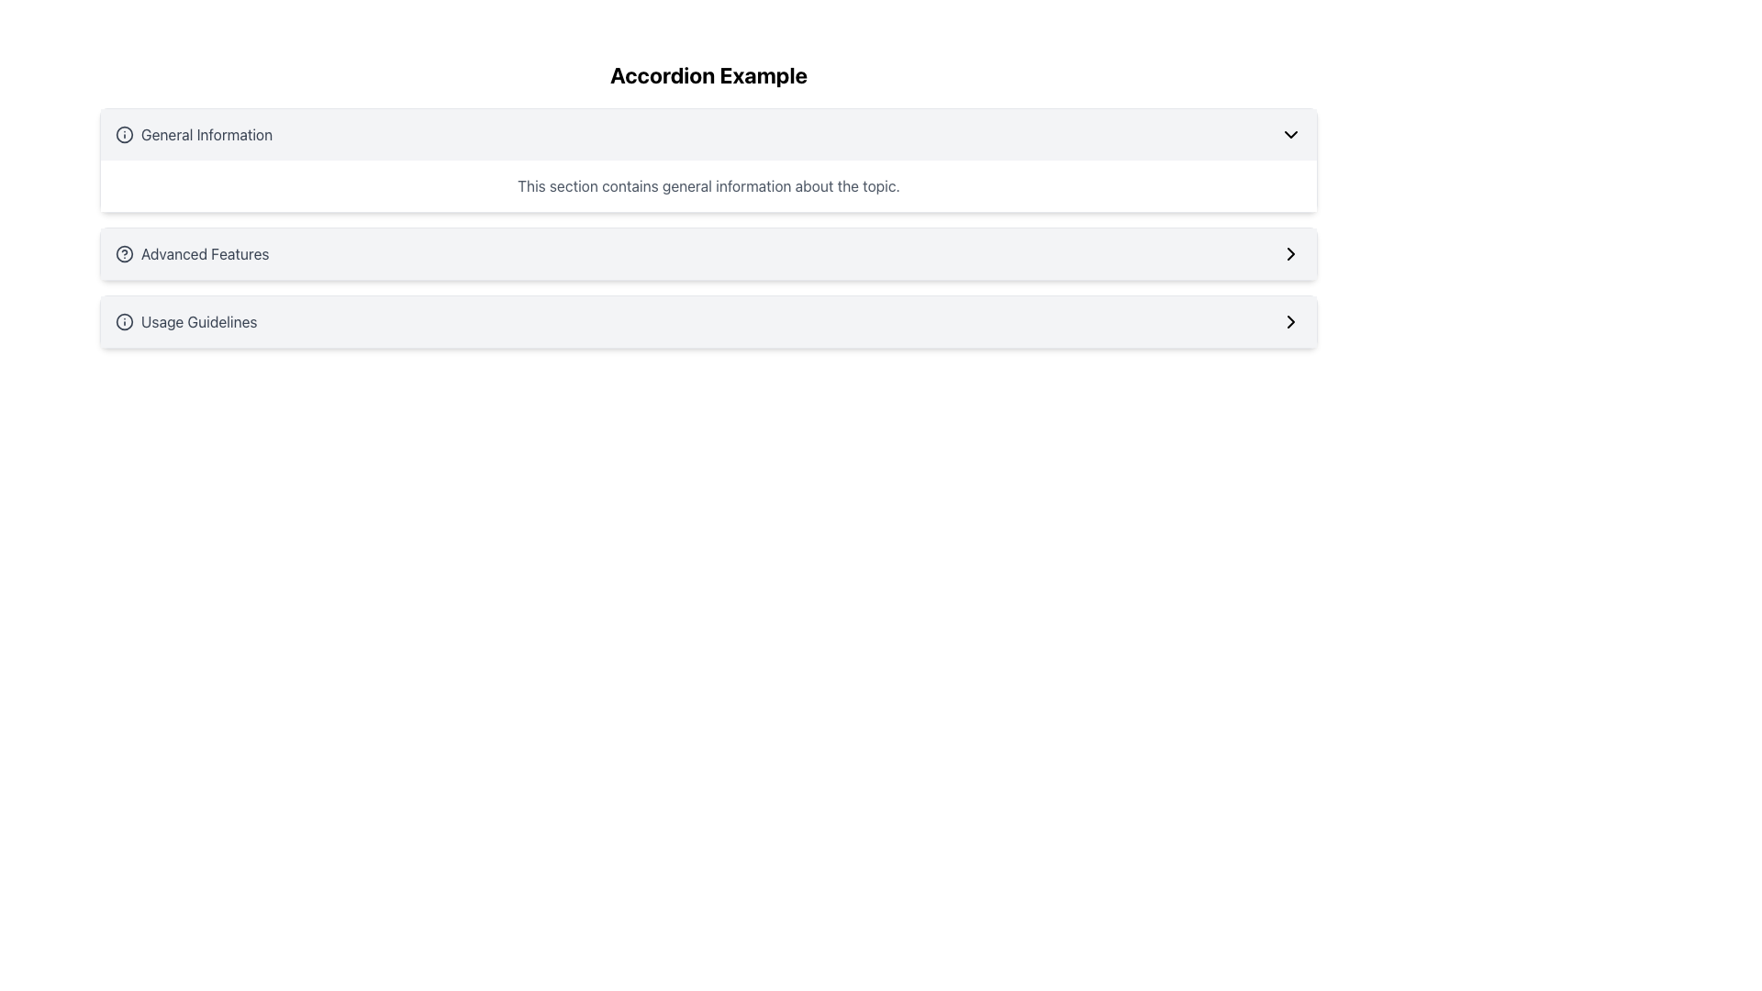 This screenshot has width=1762, height=991. Describe the element at coordinates (205, 254) in the screenshot. I see `the Text Label that serves as the label for the second accordion item, positioned to the right of a question mark icon` at that location.